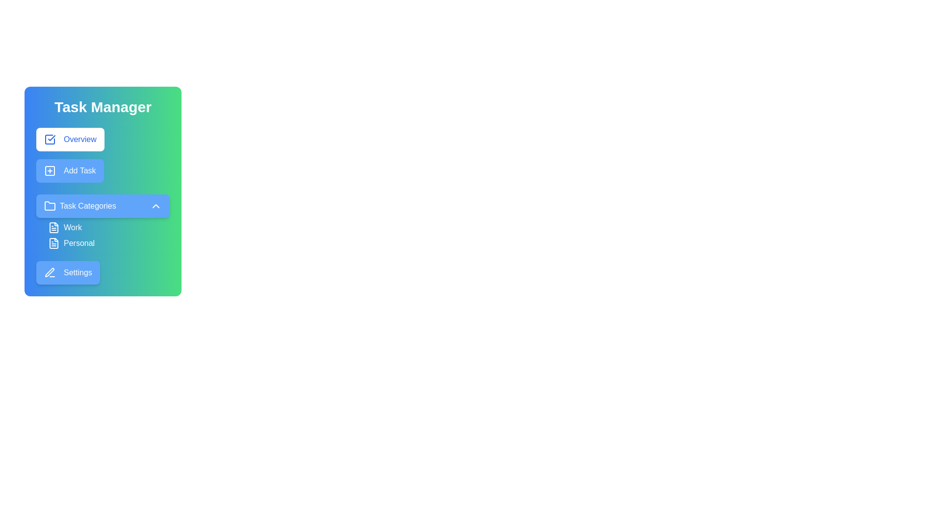 The image size is (942, 529). What do you see at coordinates (103, 236) in the screenshot?
I see `the 'Personal' item in the categorized list of task labels` at bounding box center [103, 236].